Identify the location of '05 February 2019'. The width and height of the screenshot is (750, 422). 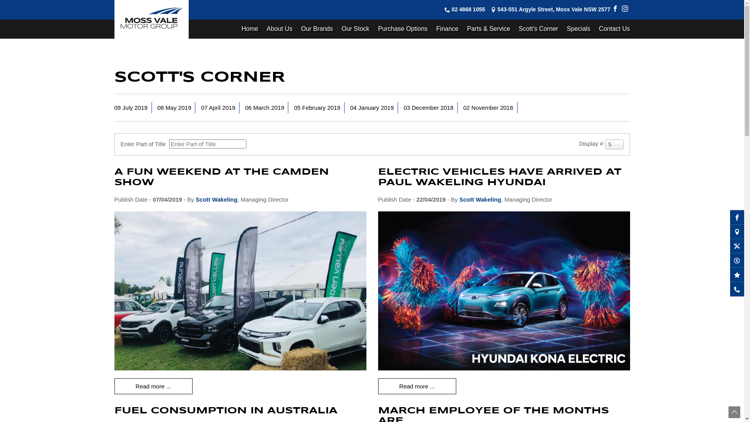
(317, 107).